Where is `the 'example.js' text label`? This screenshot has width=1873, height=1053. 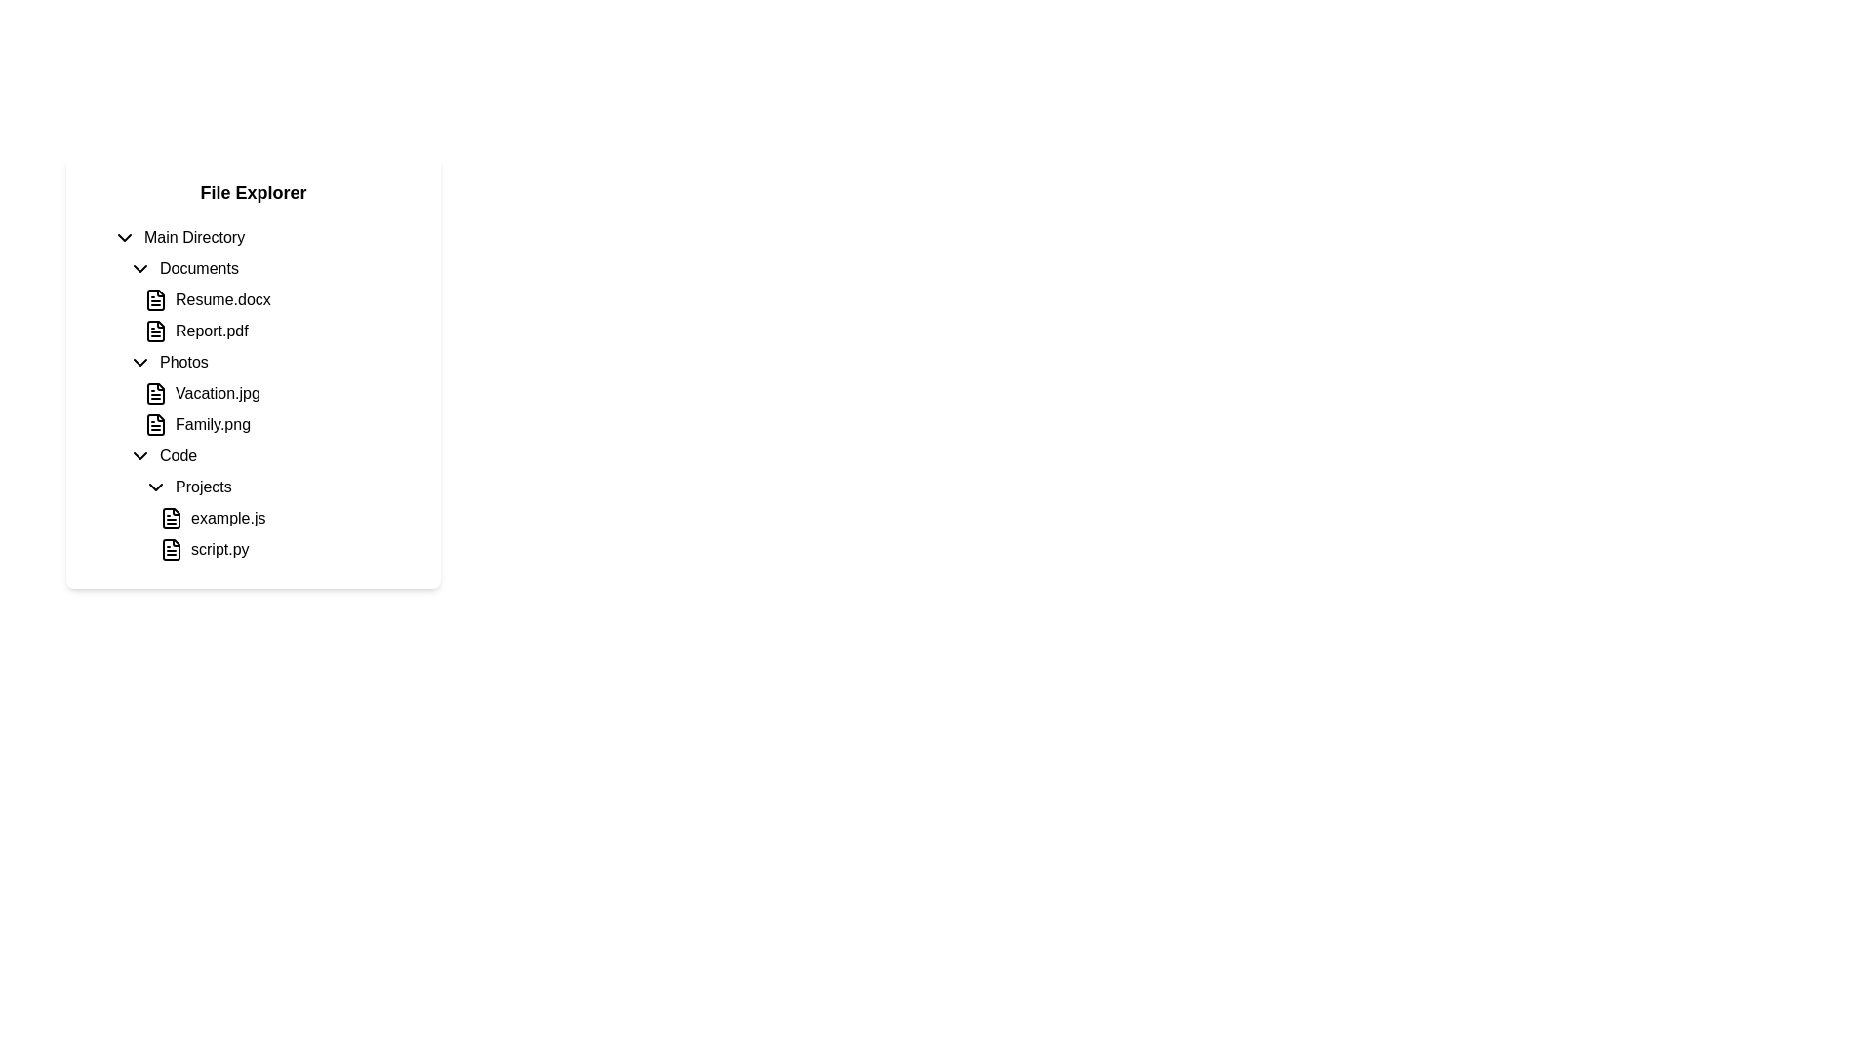
the 'example.js' text label is located at coordinates (228, 518).